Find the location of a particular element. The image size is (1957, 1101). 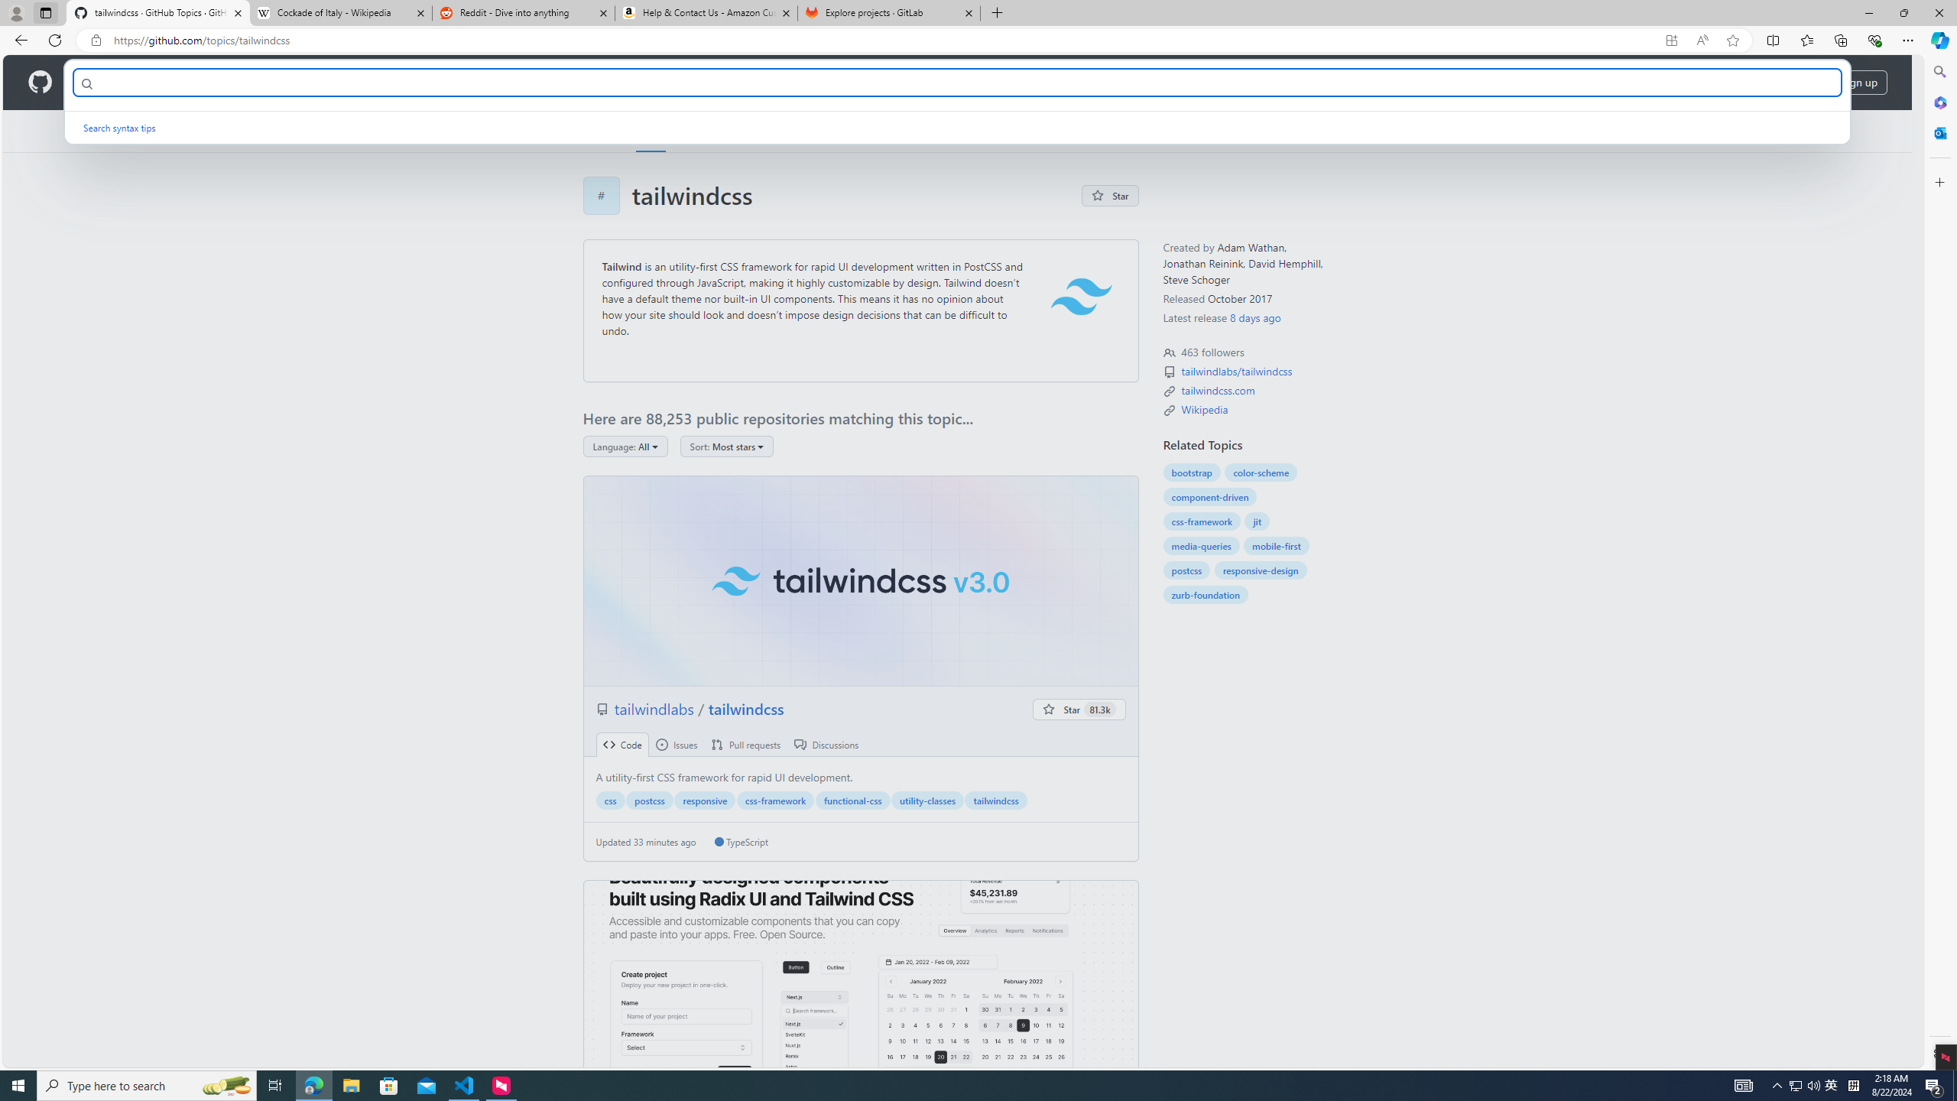

'media-queries' is located at coordinates (1200, 545).